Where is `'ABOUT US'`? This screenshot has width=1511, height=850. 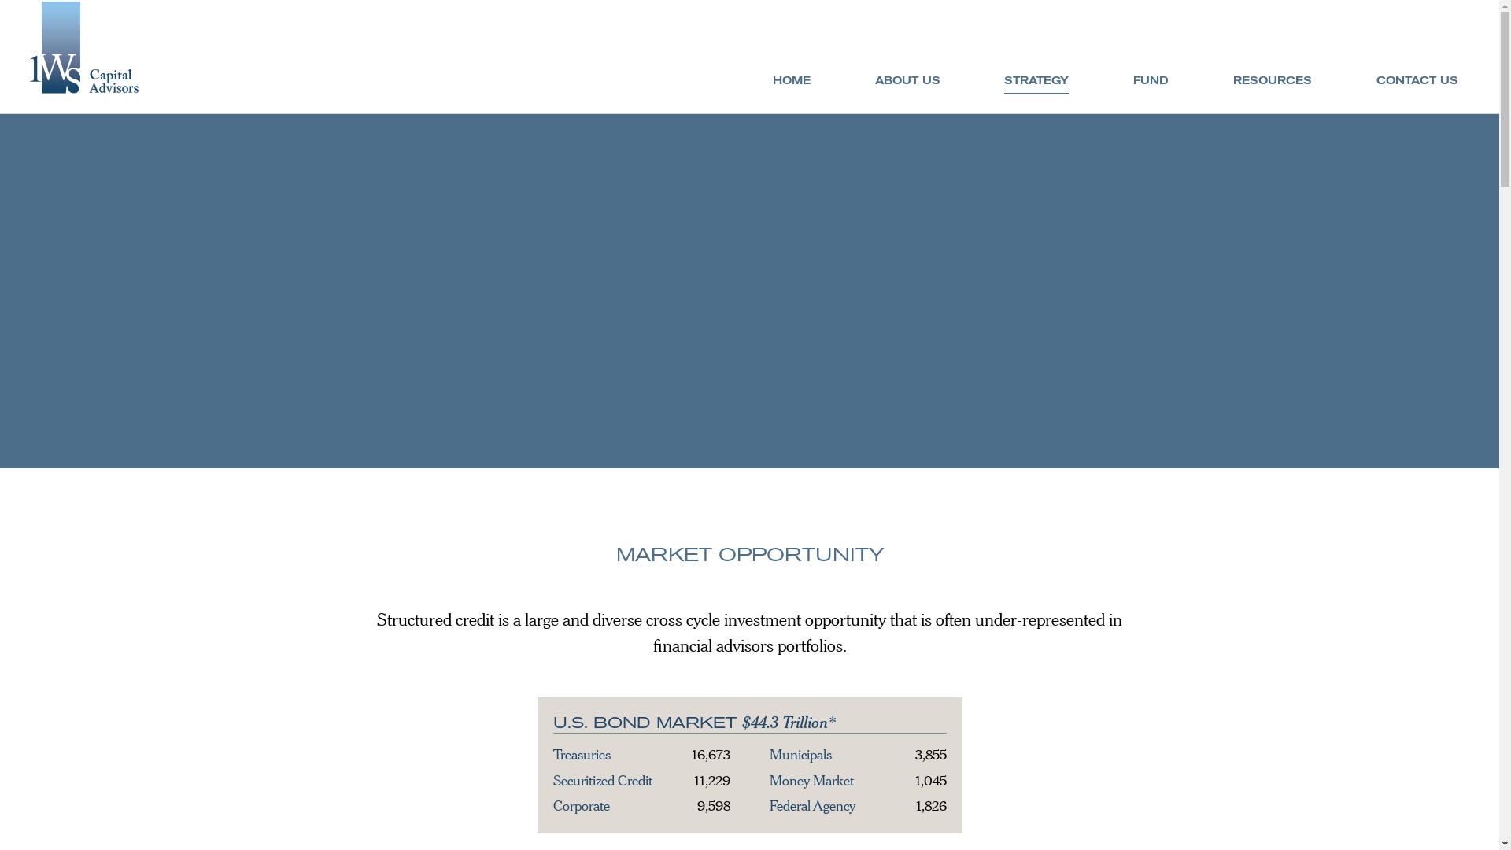
'ABOUT US' is located at coordinates (907, 80).